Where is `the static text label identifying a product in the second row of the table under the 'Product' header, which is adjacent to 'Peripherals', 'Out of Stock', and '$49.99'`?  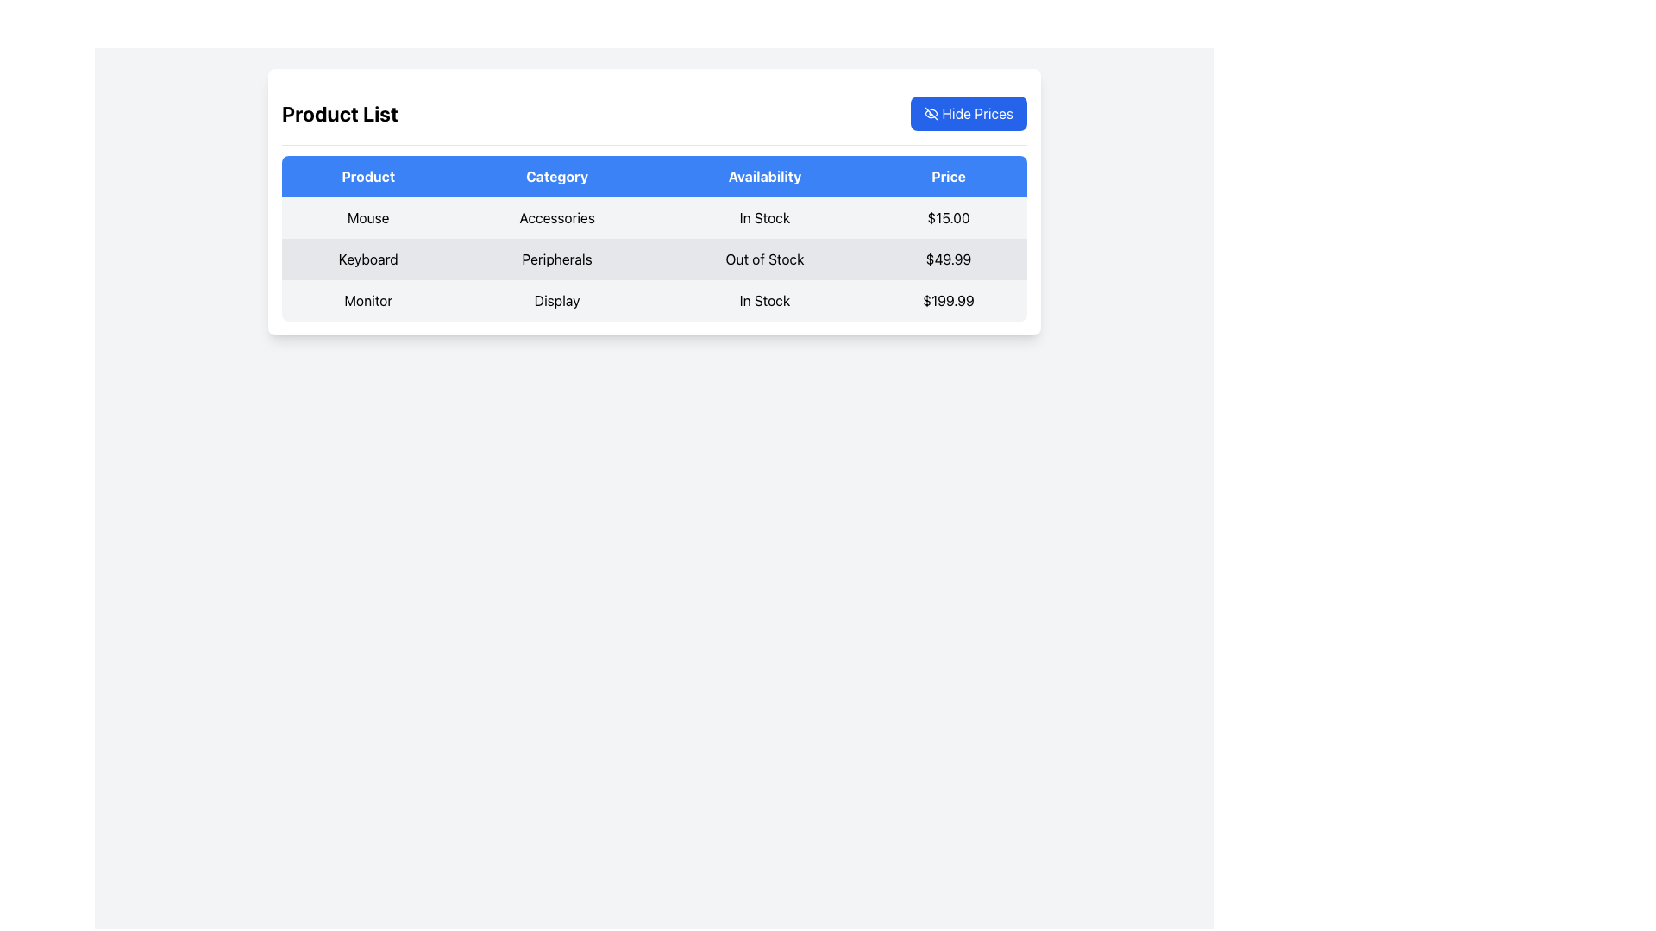
the static text label identifying a product in the second row of the table under the 'Product' header, which is adjacent to 'Peripherals', 'Out of Stock', and '$49.99' is located at coordinates (367, 259).